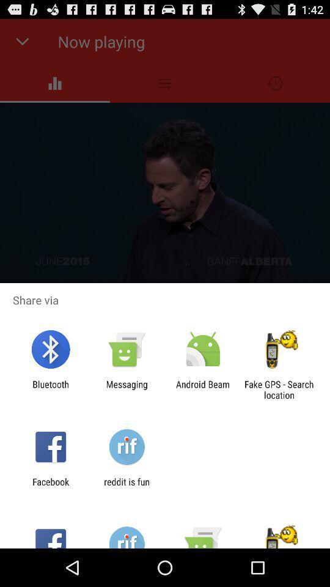 Image resolution: width=330 pixels, height=587 pixels. What do you see at coordinates (203, 389) in the screenshot?
I see `item to the left of fake gps search app` at bounding box center [203, 389].